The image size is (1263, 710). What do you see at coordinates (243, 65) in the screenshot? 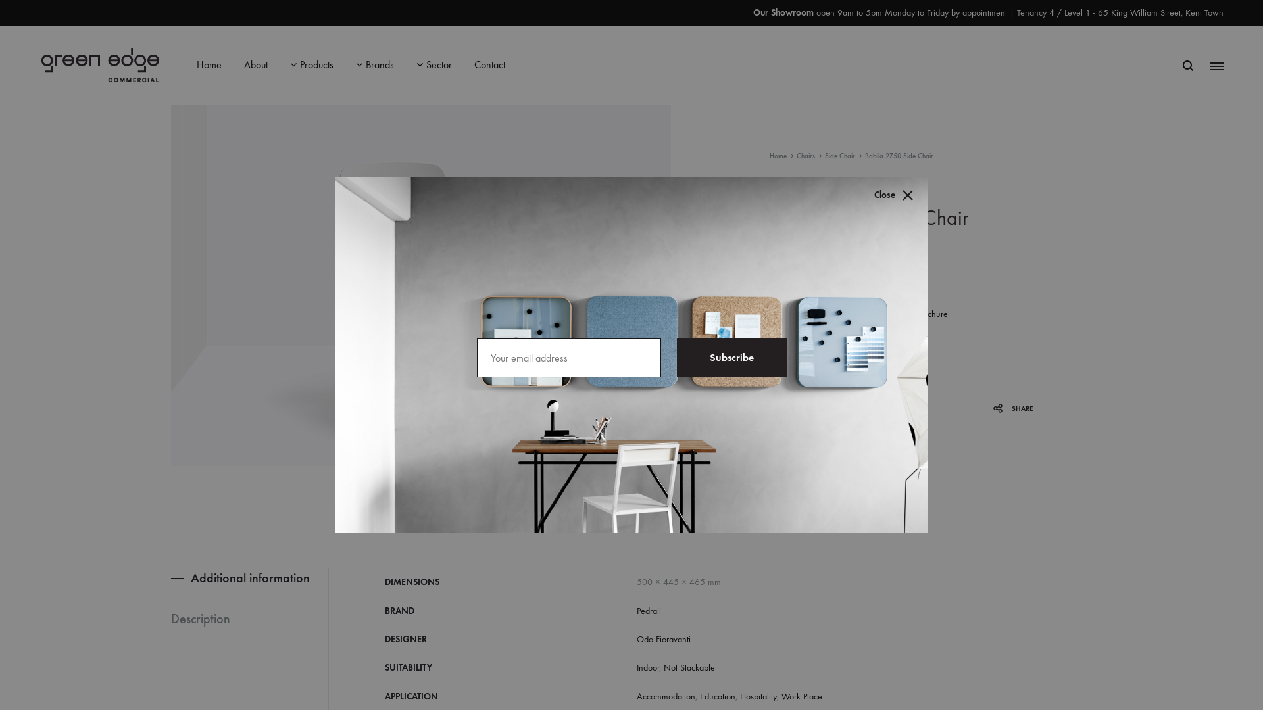
I see `'About'` at bounding box center [243, 65].